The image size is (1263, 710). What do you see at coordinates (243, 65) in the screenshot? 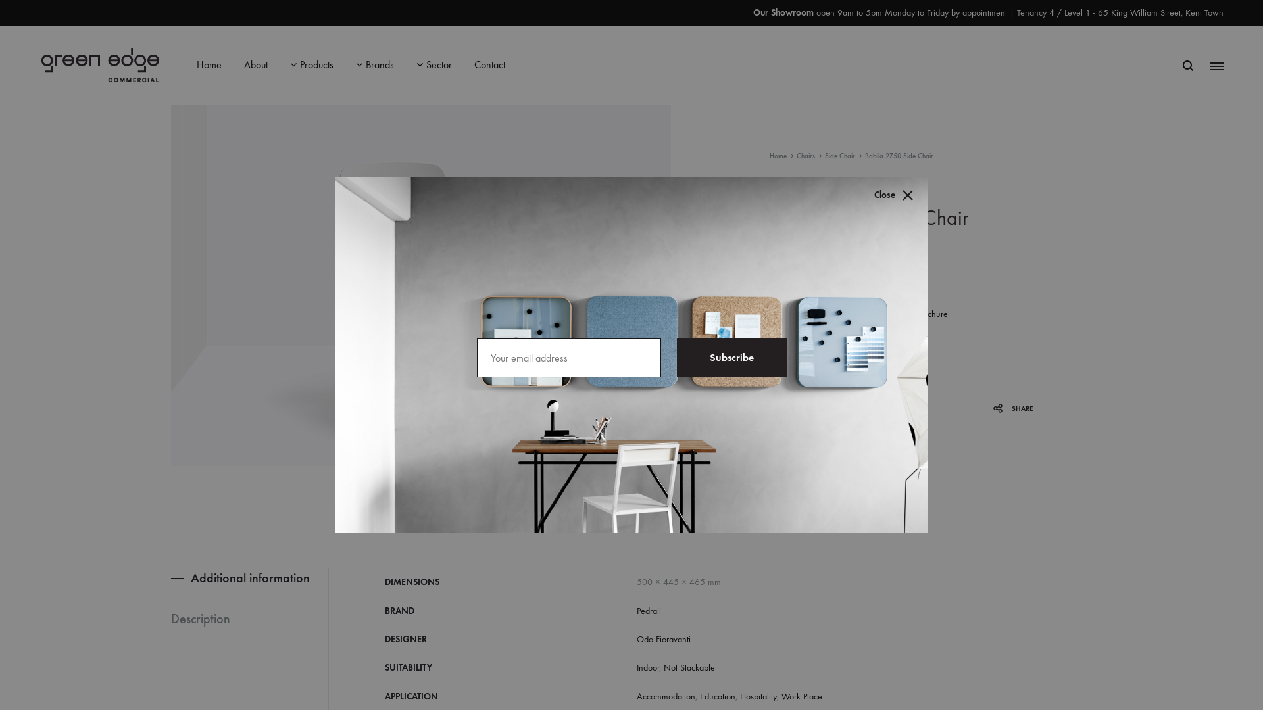
I see `'About'` at bounding box center [243, 65].